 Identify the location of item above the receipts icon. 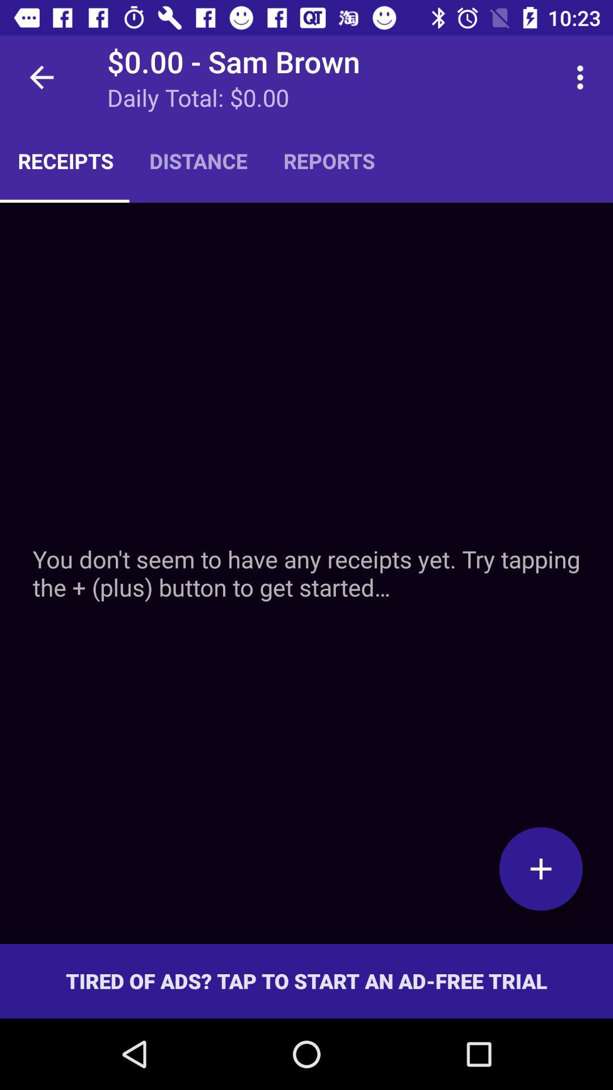
(41, 77).